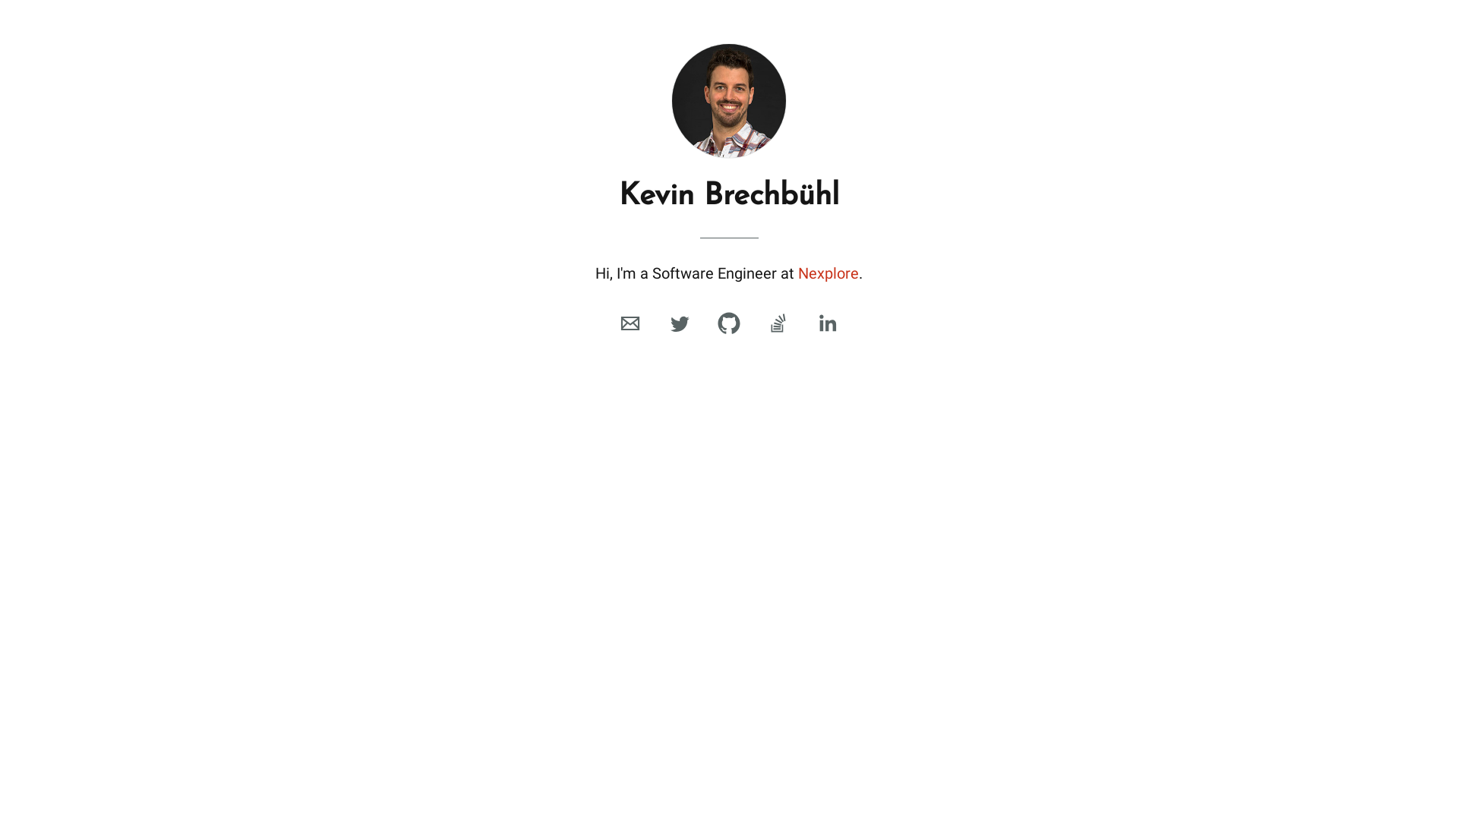  Describe the element at coordinates (664, 322) in the screenshot. I see `'Twitter'` at that location.